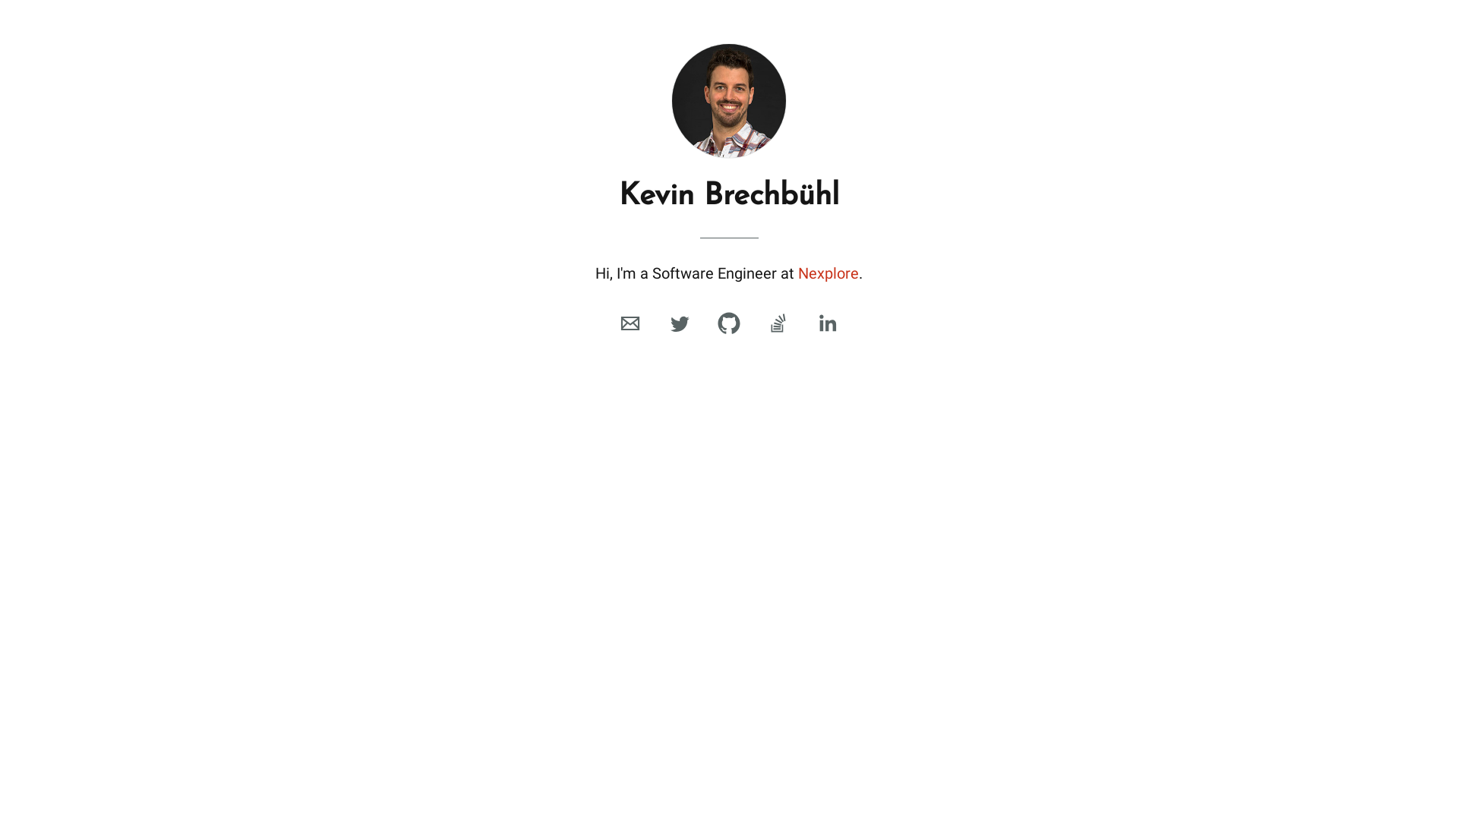  Describe the element at coordinates (664, 322) in the screenshot. I see `'Twitter'` at that location.